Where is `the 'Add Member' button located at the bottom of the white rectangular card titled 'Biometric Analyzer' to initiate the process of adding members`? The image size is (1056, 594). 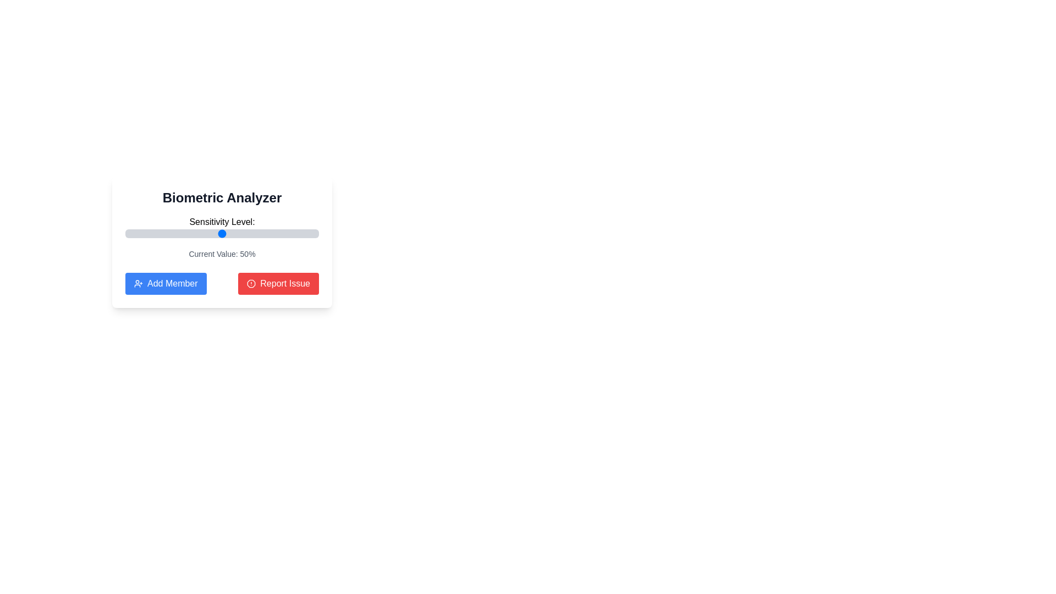
the 'Add Member' button located at the bottom of the white rectangular card titled 'Biometric Analyzer' to initiate the process of adding members is located at coordinates (221, 241).